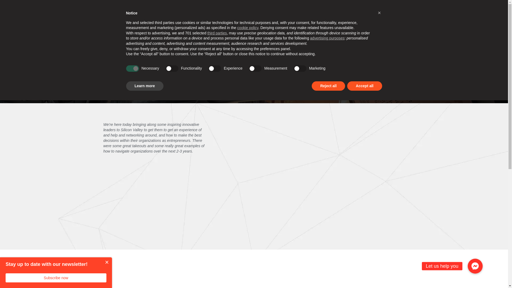  Describe the element at coordinates (364, 86) in the screenshot. I see `'Accept all'` at that location.